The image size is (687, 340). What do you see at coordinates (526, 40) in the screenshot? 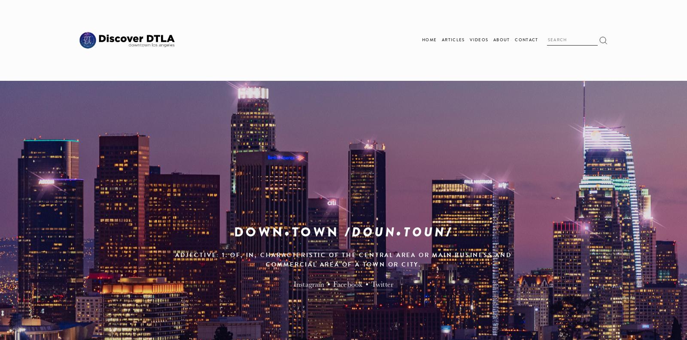
I see `'Contact'` at bounding box center [526, 40].